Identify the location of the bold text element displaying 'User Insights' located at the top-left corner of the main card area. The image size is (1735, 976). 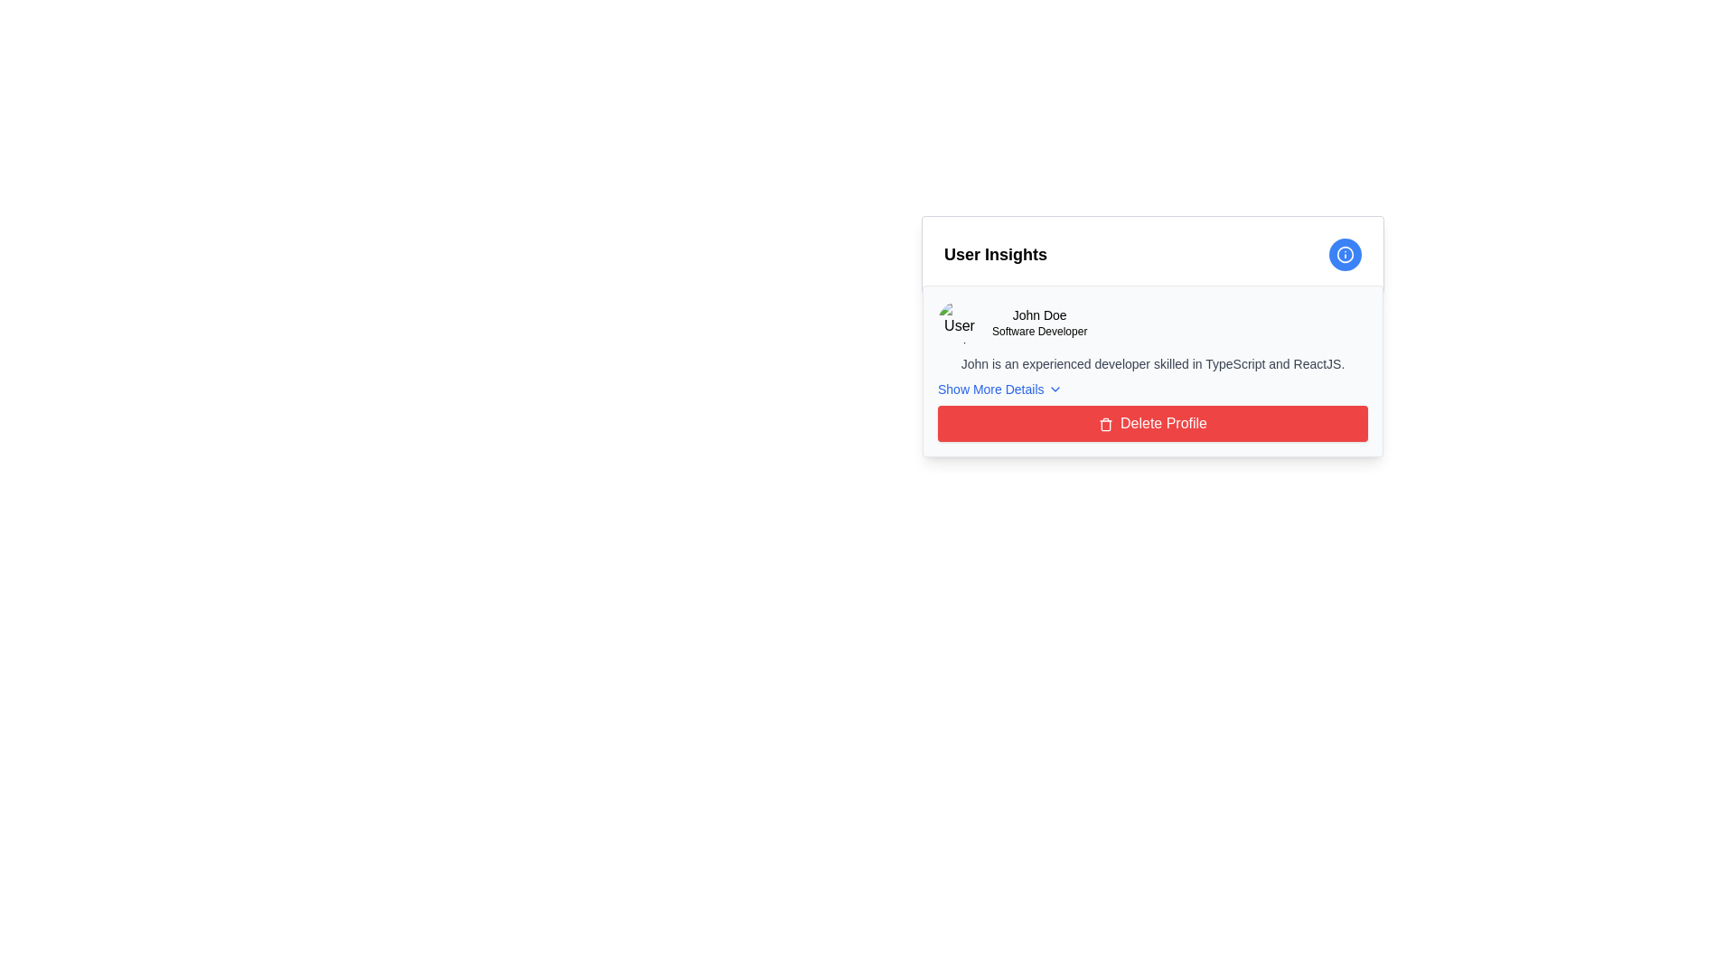
(995, 254).